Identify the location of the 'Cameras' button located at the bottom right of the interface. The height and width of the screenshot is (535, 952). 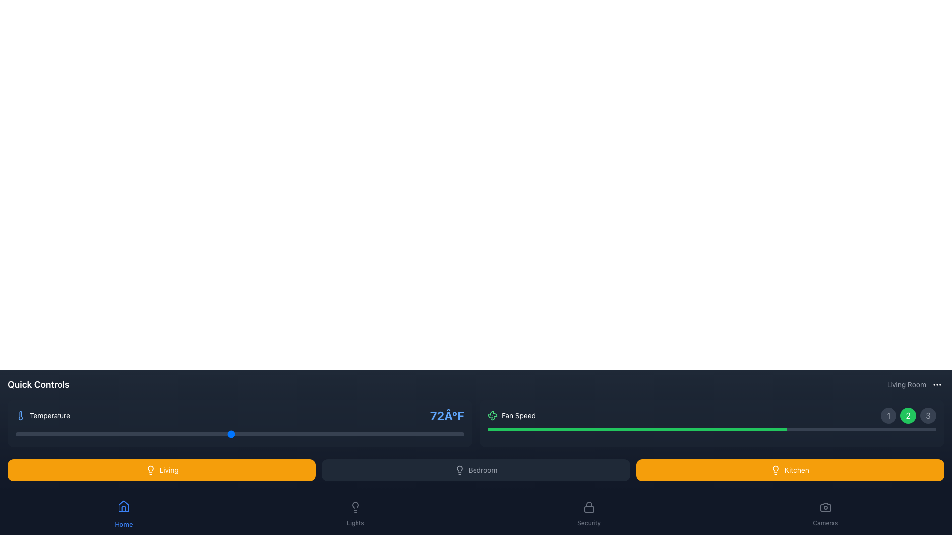
(825, 512).